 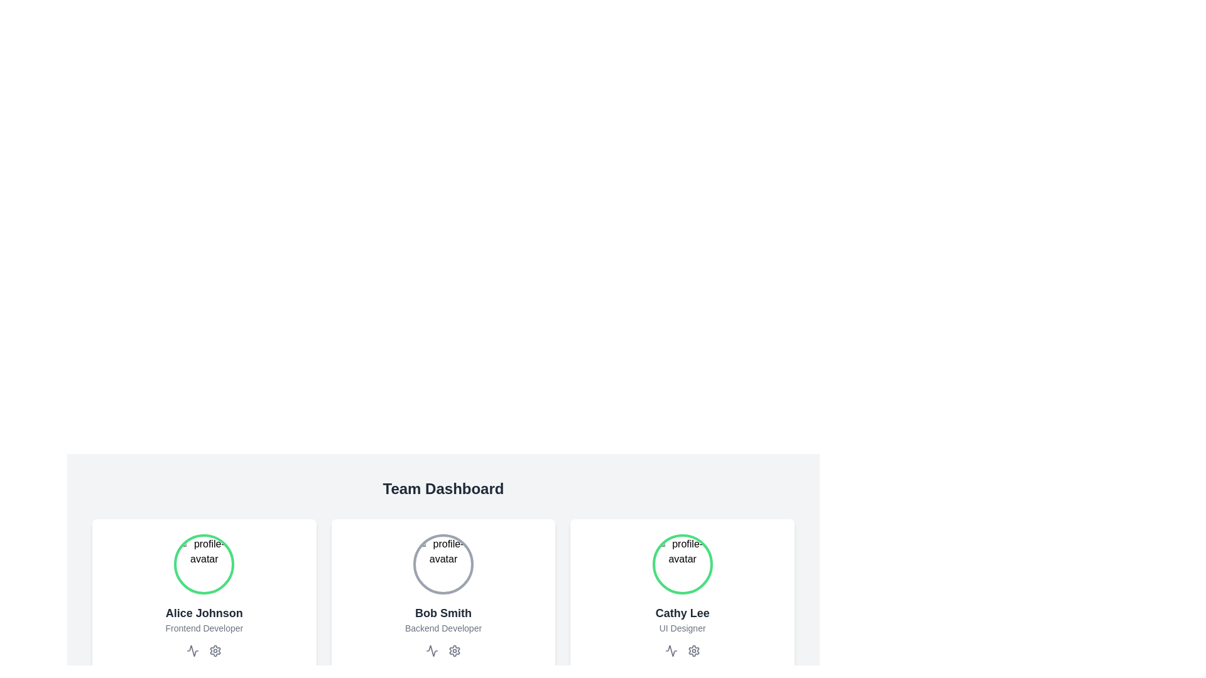 What do you see at coordinates (682, 563) in the screenshot?
I see `the circular profile avatar image with a green border representing user 'Cathy Lee', located at the top-center of the third card below the 'Team Dashboard' heading` at bounding box center [682, 563].